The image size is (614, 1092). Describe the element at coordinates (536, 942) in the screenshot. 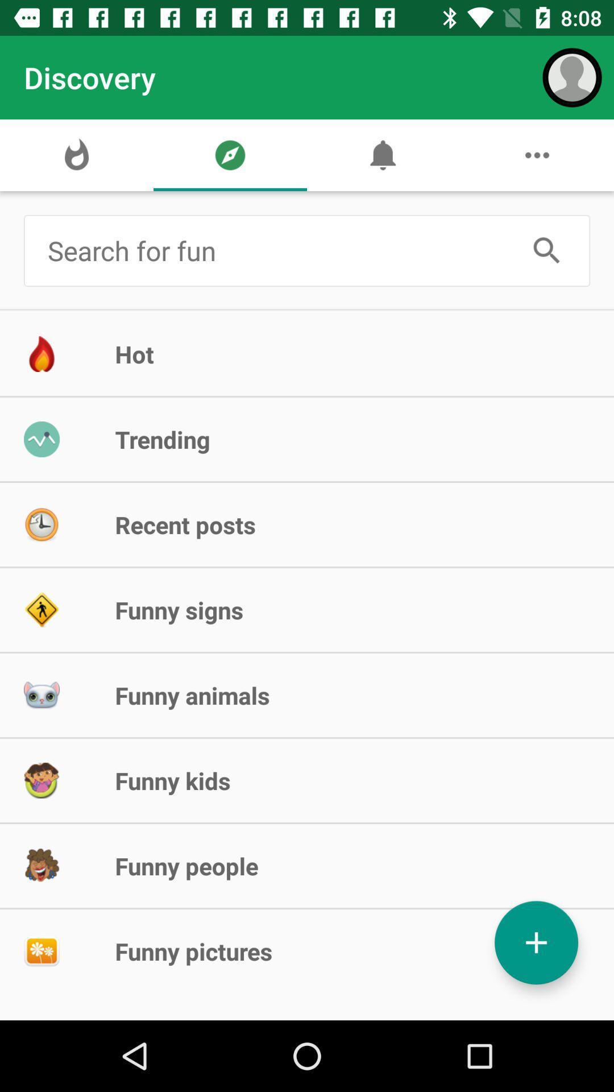

I see `the add icon` at that location.